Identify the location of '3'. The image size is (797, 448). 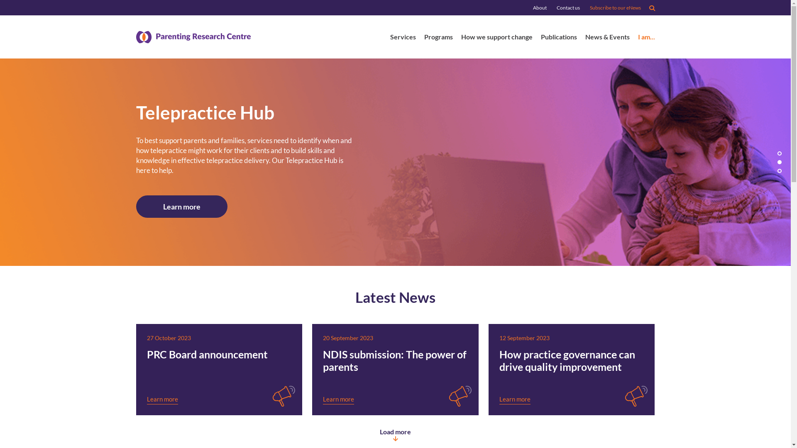
(779, 170).